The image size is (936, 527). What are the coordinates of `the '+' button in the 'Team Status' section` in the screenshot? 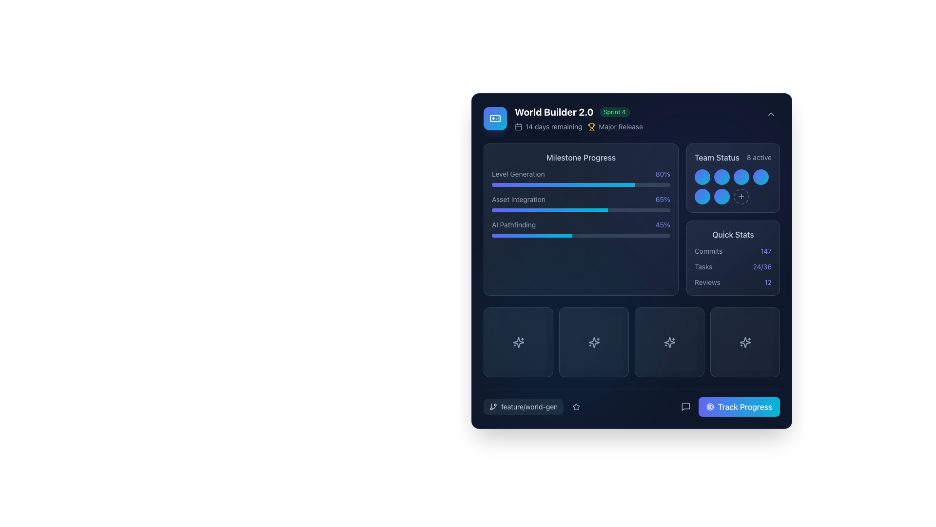 It's located at (741, 196).